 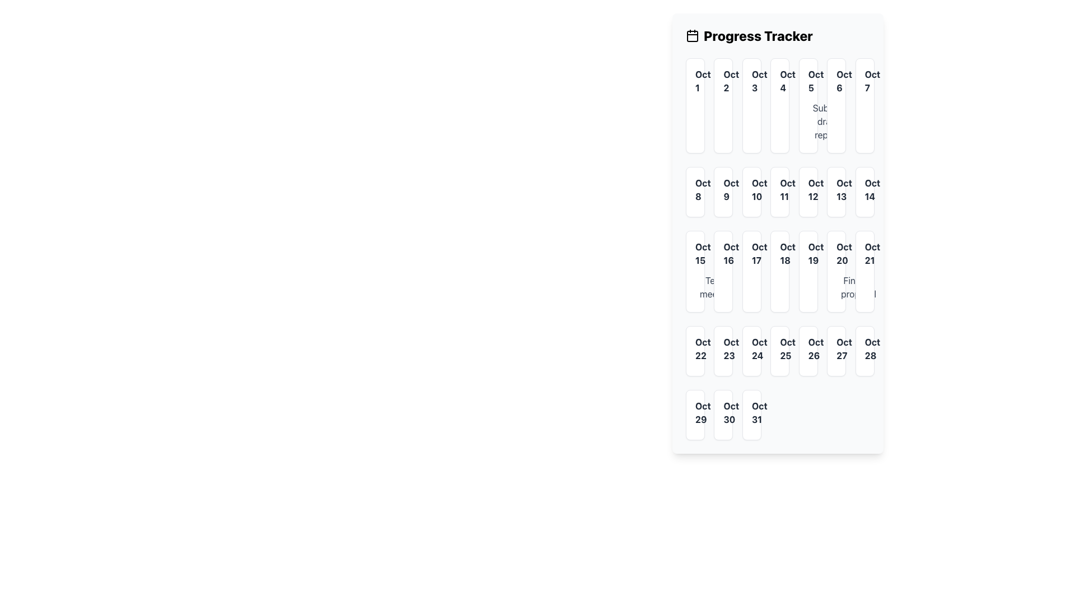 What do you see at coordinates (695, 351) in the screenshot?
I see `the white rectangular box with rounded corners containing the text 'Oct 22'` at bounding box center [695, 351].